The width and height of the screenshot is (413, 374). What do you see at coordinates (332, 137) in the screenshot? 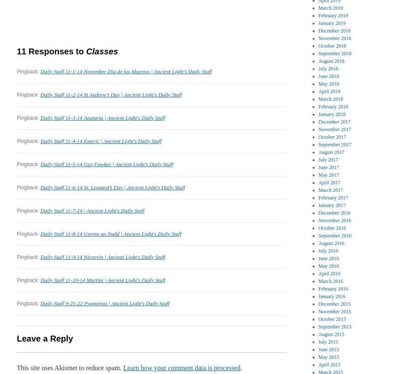
I see `'October 2017'` at bounding box center [332, 137].